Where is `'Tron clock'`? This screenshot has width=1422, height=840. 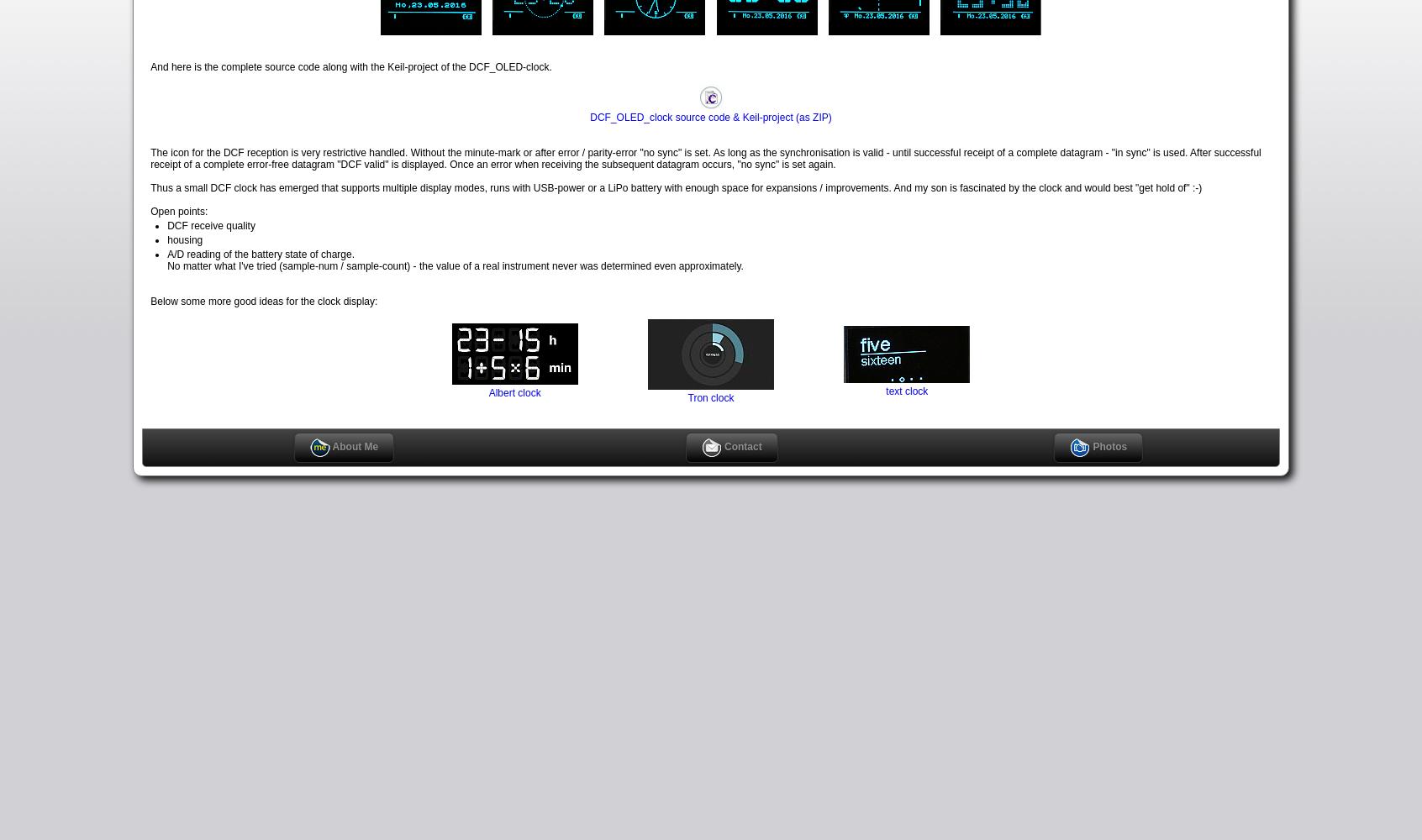 'Tron clock' is located at coordinates (710, 396).